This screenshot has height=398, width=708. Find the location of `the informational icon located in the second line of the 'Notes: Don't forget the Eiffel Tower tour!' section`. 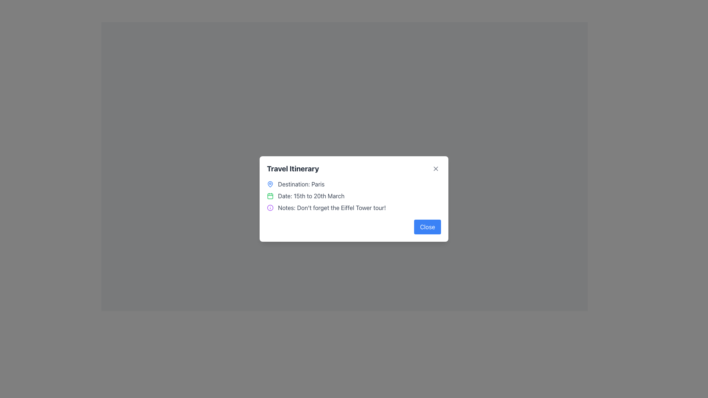

the informational icon located in the second line of the 'Notes: Don't forget the Eiffel Tower tour!' section is located at coordinates (270, 207).